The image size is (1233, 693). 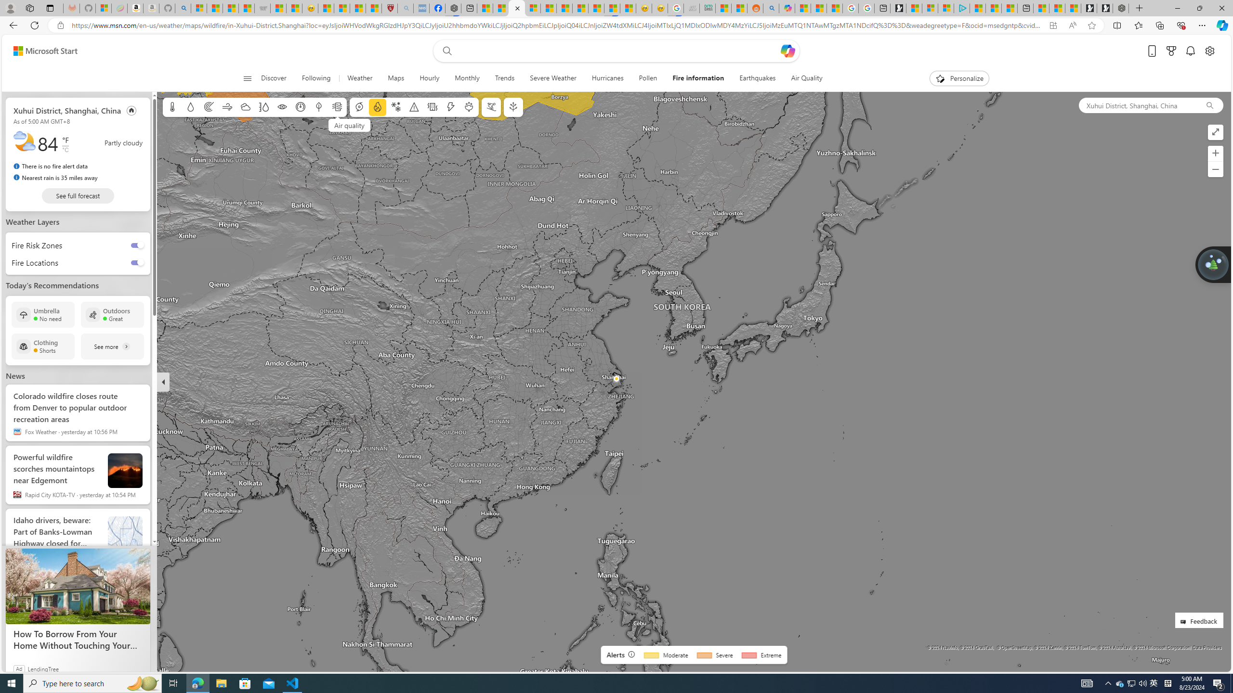 What do you see at coordinates (190, 107) in the screenshot?
I see `'Precipitation'` at bounding box center [190, 107].